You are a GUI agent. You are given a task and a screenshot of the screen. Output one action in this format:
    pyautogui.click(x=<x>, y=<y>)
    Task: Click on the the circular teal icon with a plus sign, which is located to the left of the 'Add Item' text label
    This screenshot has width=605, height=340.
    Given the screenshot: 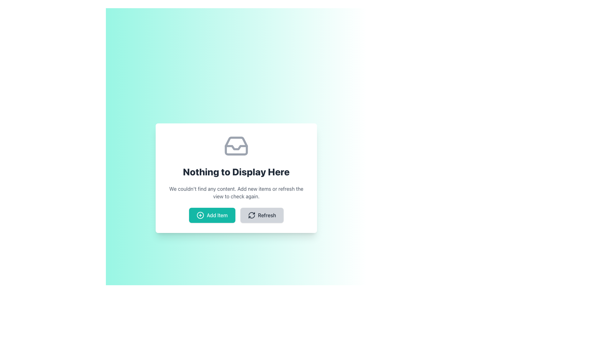 What is the action you would take?
    pyautogui.click(x=200, y=215)
    